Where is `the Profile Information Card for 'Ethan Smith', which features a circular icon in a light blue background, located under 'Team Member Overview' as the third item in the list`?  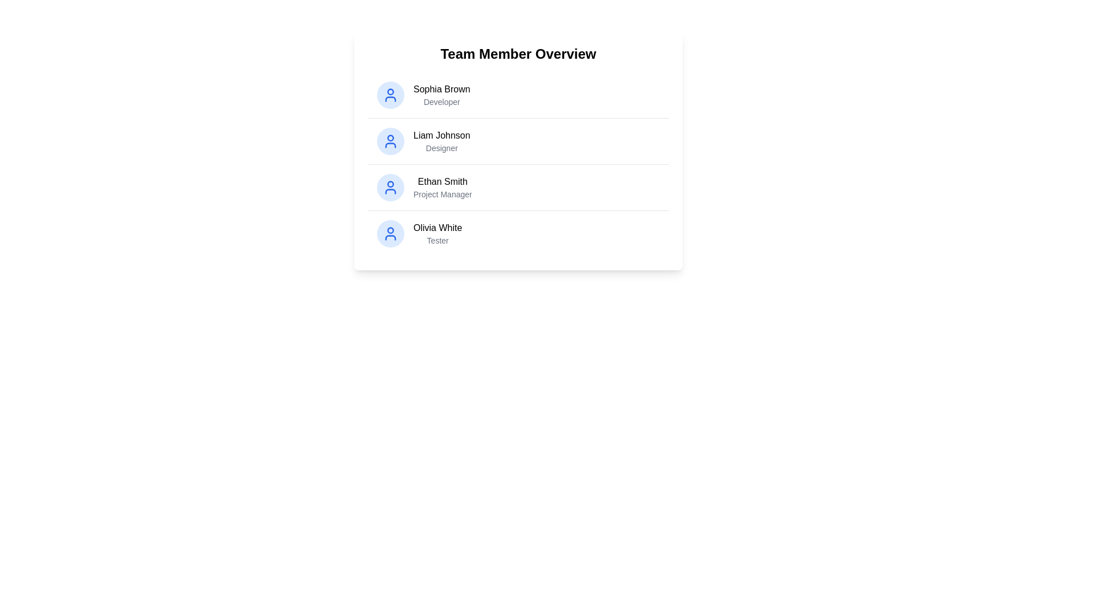
the Profile Information Card for 'Ethan Smith', which features a circular icon in a light blue background, located under 'Team Member Overview' as the third item in the list is located at coordinates (424, 187).